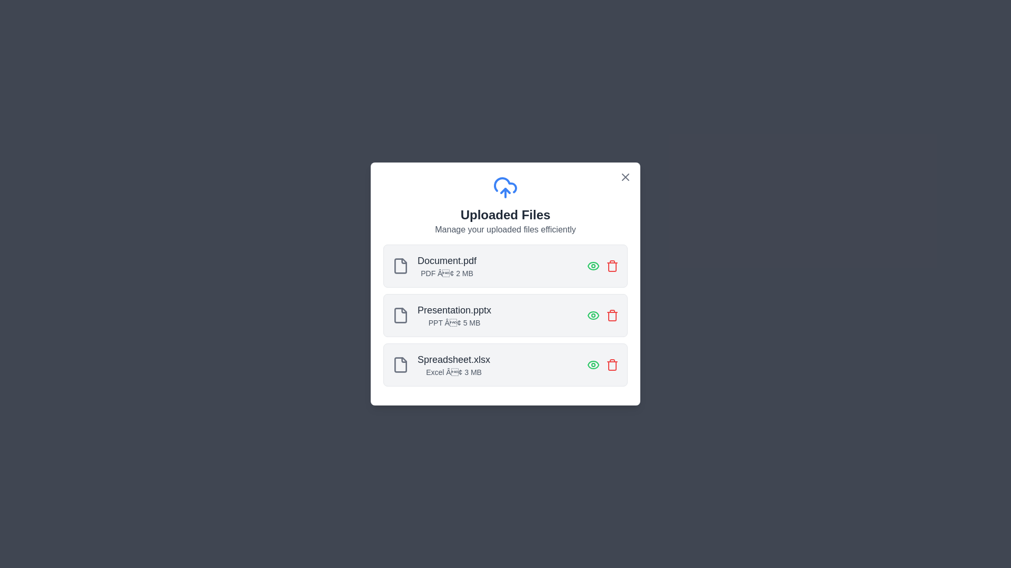 The height and width of the screenshot is (568, 1011). What do you see at coordinates (506, 214) in the screenshot?
I see `text header that describes the section for managing uploaded files, located just below the upload icon` at bounding box center [506, 214].